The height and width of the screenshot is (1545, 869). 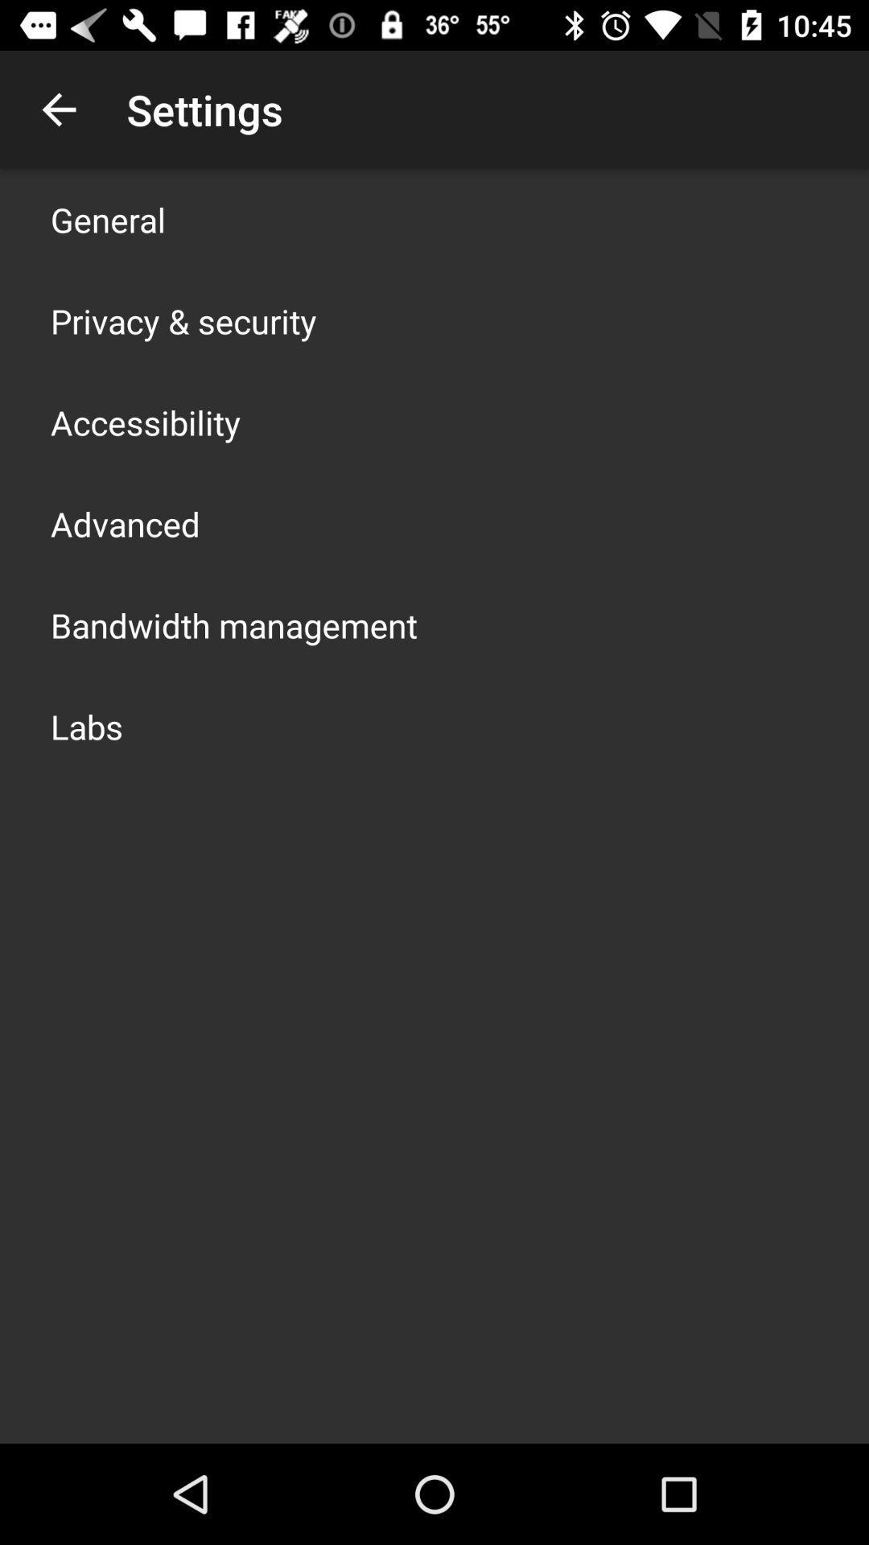 I want to click on bandwidth management icon, so click(x=233, y=624).